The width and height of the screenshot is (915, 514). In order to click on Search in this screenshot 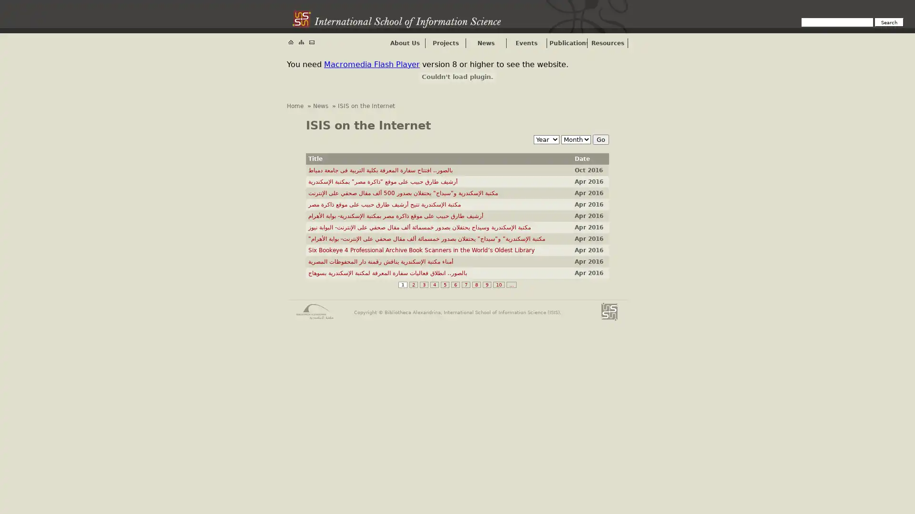, I will do `click(889, 21)`.